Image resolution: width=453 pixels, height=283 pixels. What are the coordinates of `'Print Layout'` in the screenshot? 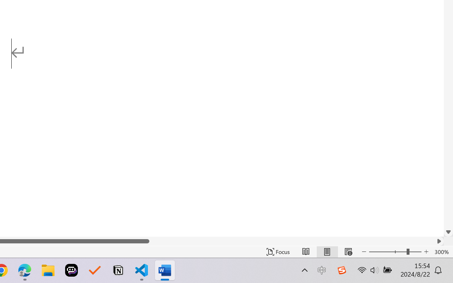 It's located at (327, 252).